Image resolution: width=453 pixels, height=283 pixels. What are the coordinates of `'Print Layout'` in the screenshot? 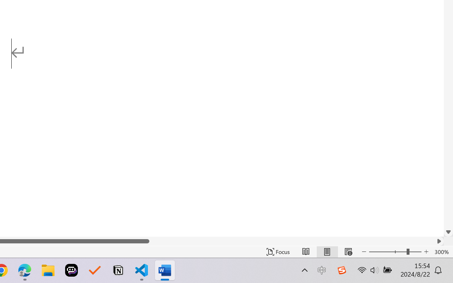 It's located at (327, 252).